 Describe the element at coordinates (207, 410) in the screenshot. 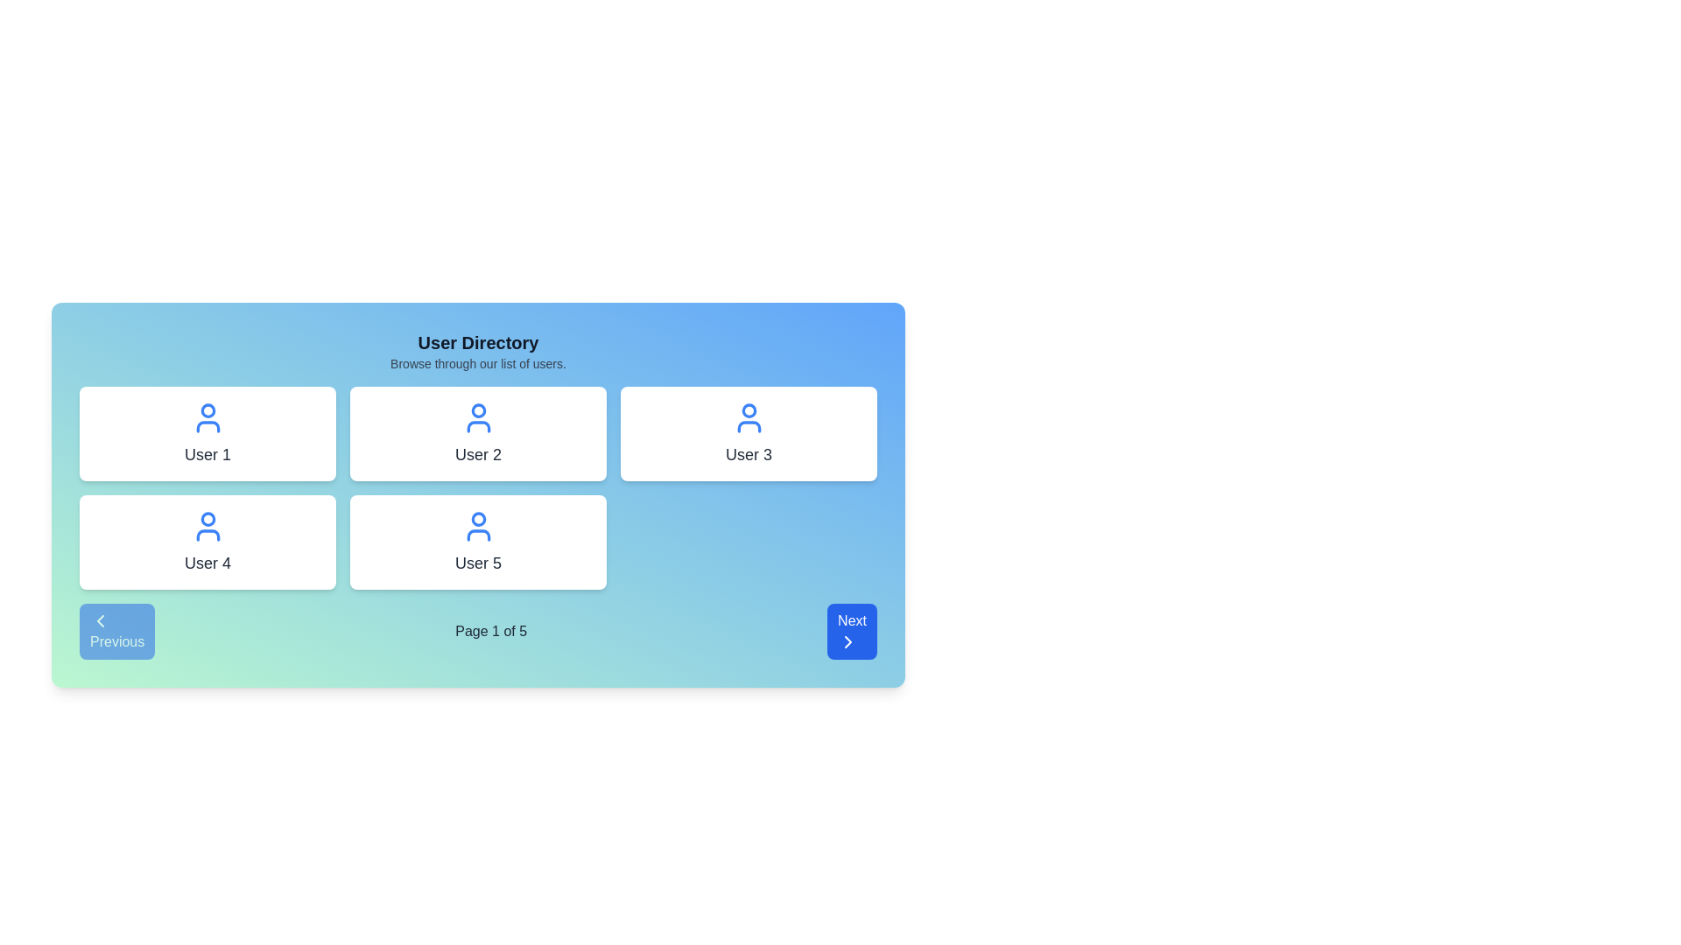

I see `the small blue circle resembling a user profile picture above the text label 'User 1' in the user grid layout` at that location.